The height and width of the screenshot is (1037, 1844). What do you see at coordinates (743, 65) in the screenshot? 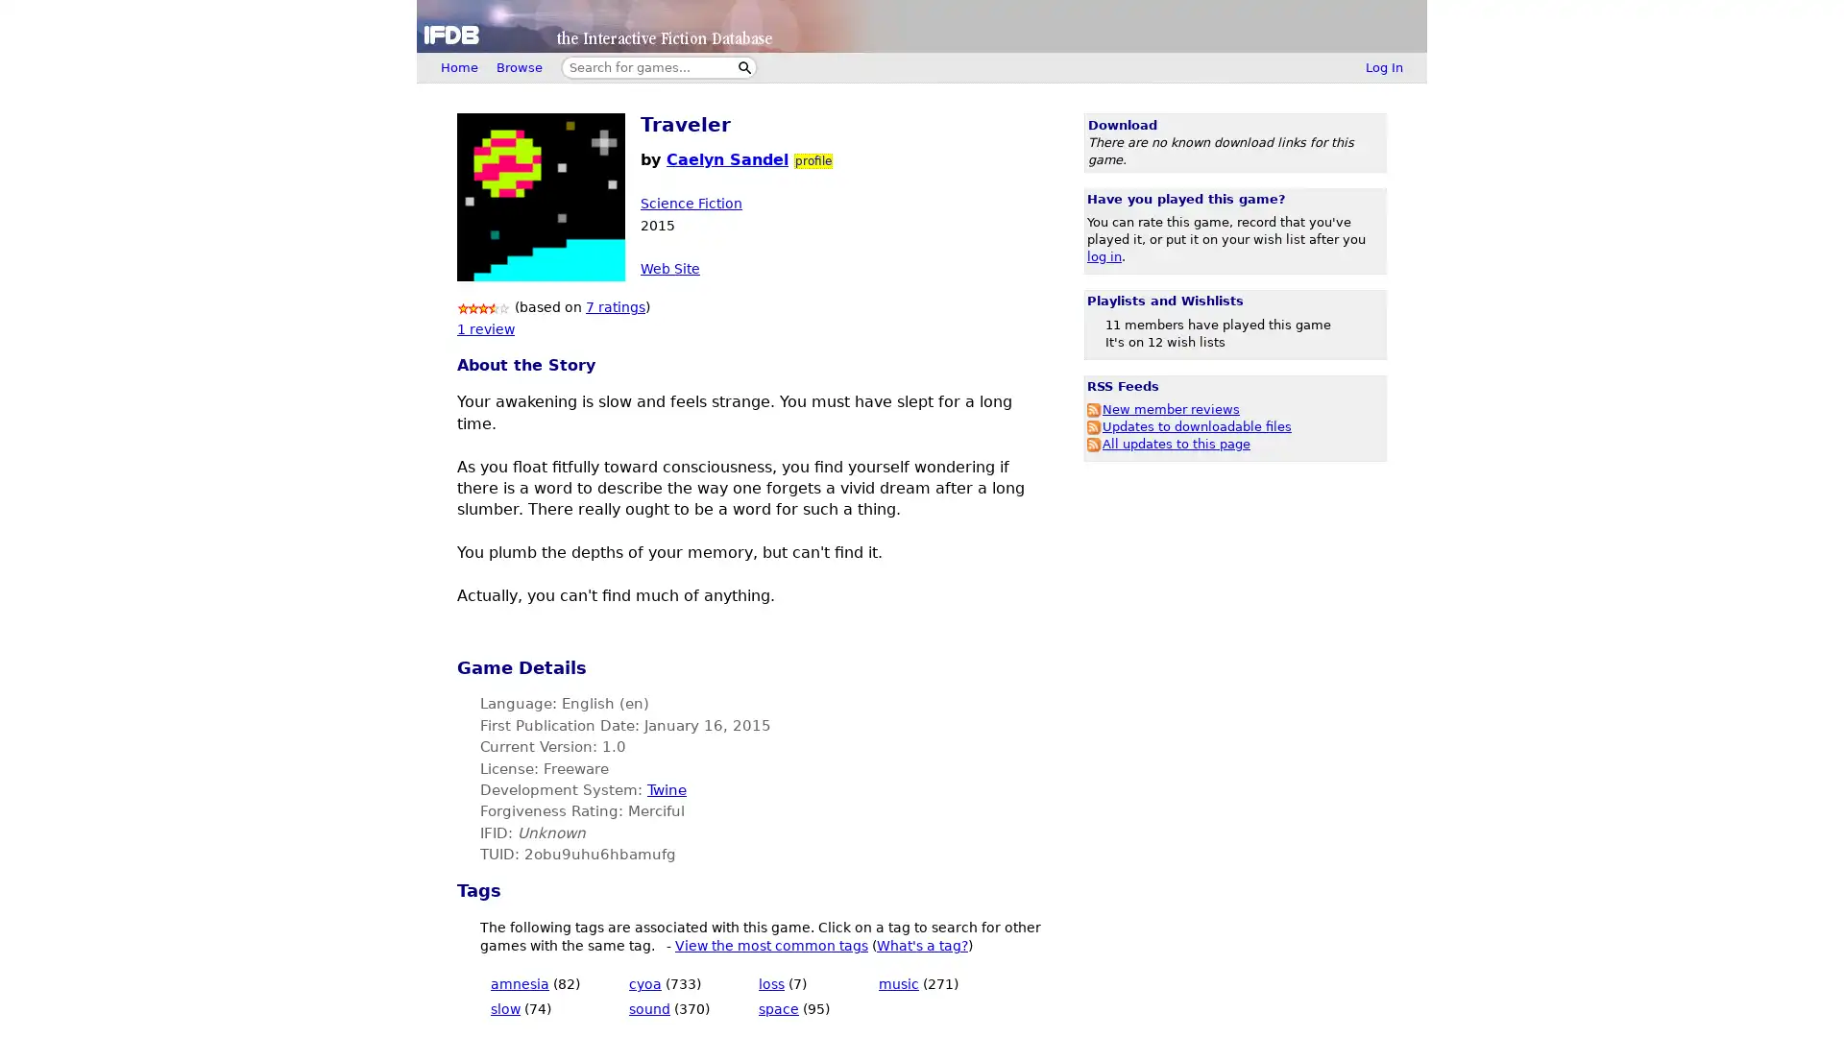
I see `Search` at bounding box center [743, 65].